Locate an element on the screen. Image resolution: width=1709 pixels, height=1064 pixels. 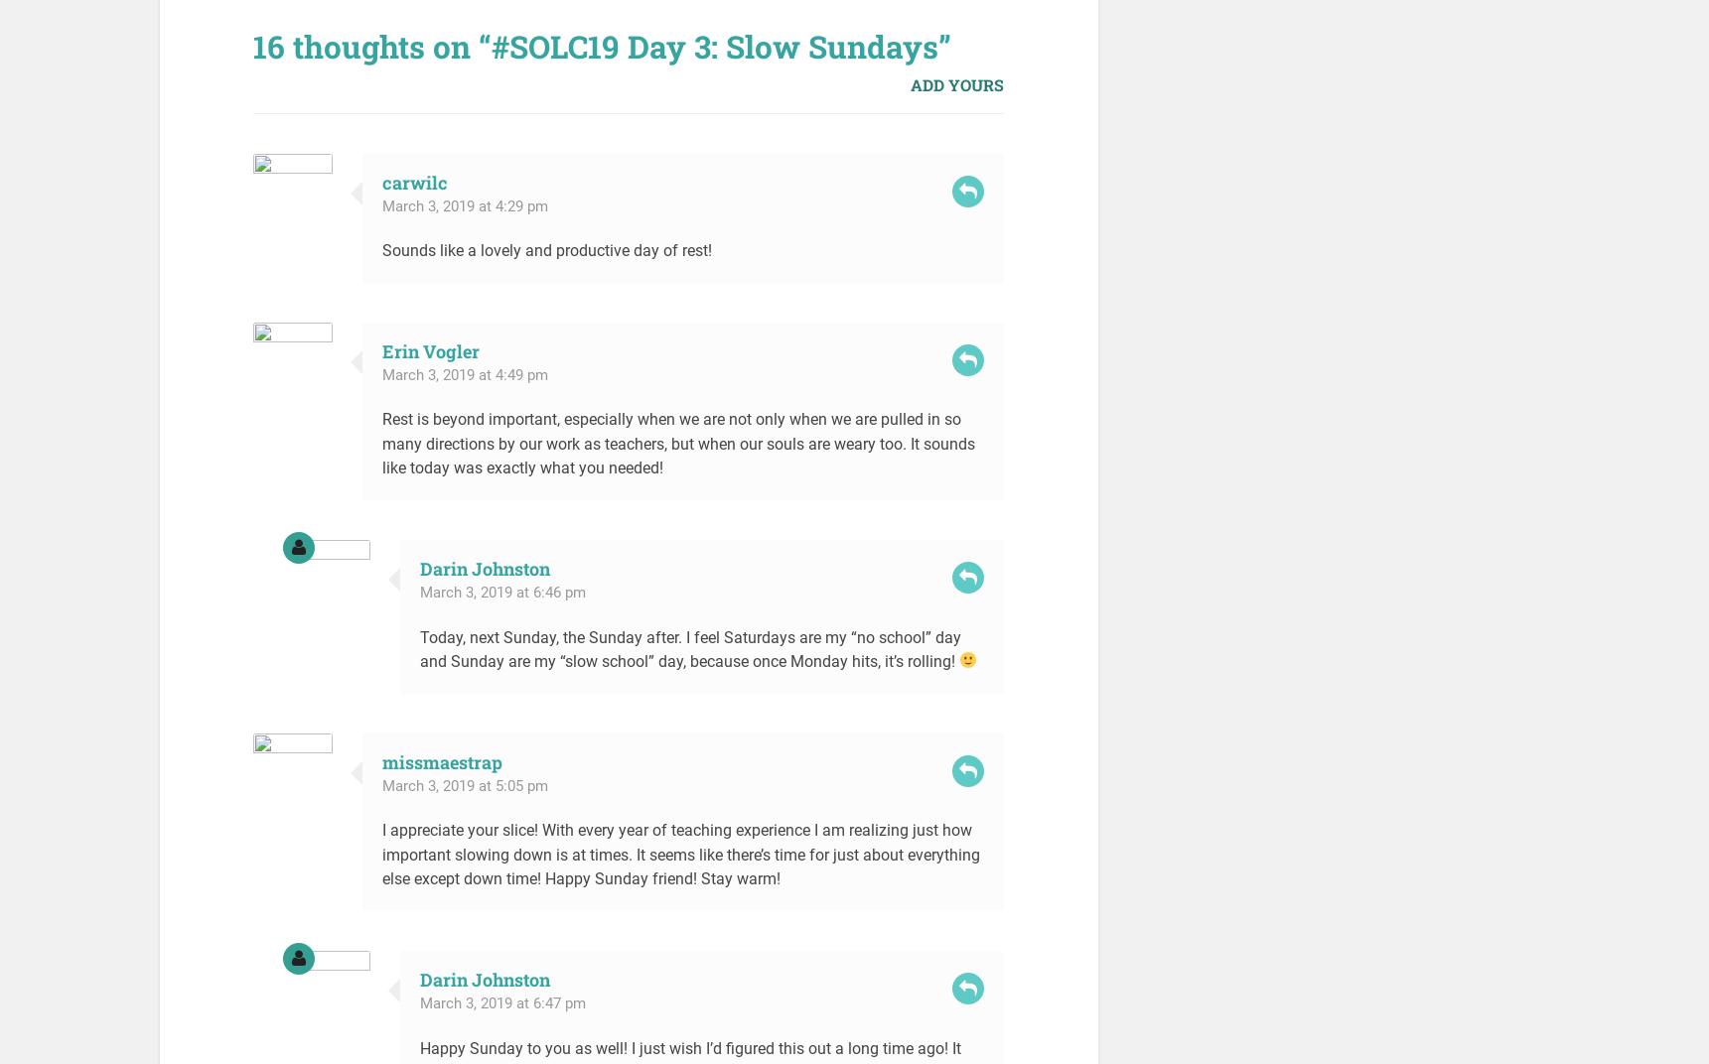
'Rest is beyond important, especially when we are not only when we are pulled in so many directions by our work as teachers, but when our souls are weary too. It sounds like today was exactly what you needed!' is located at coordinates (677, 442).